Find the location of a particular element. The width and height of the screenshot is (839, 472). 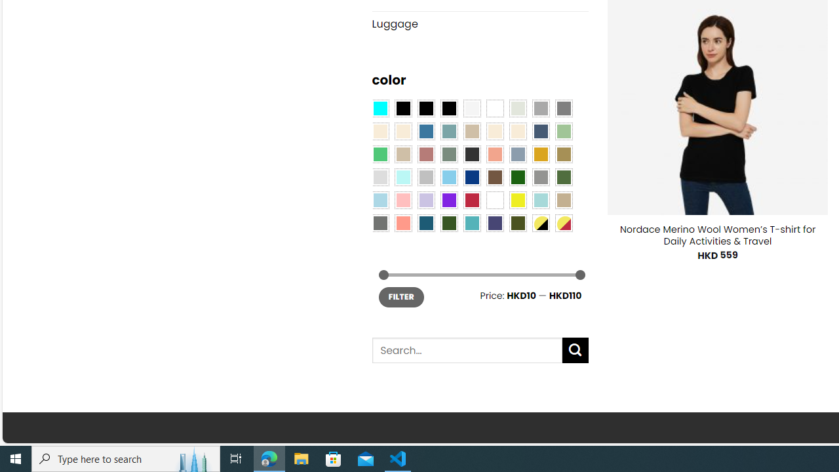

'Clear' is located at coordinates (494, 107).